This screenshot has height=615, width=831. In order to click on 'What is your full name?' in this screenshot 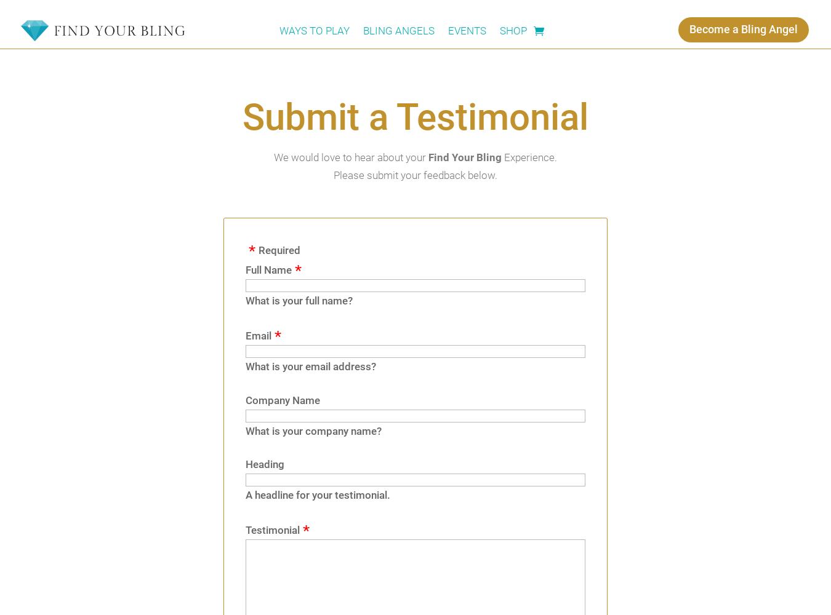, I will do `click(244, 300)`.